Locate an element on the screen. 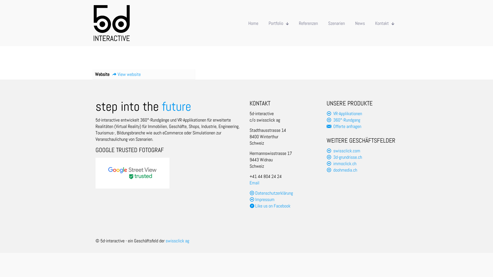 The image size is (493, 277). 'swissclick.com' is located at coordinates (347, 150).